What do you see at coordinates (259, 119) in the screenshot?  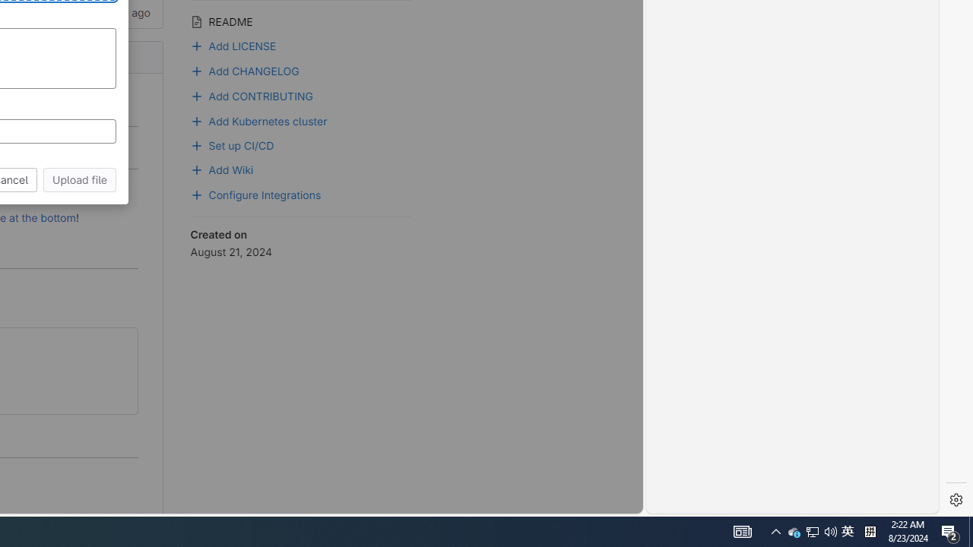 I see `'Add Kubernetes cluster'` at bounding box center [259, 119].